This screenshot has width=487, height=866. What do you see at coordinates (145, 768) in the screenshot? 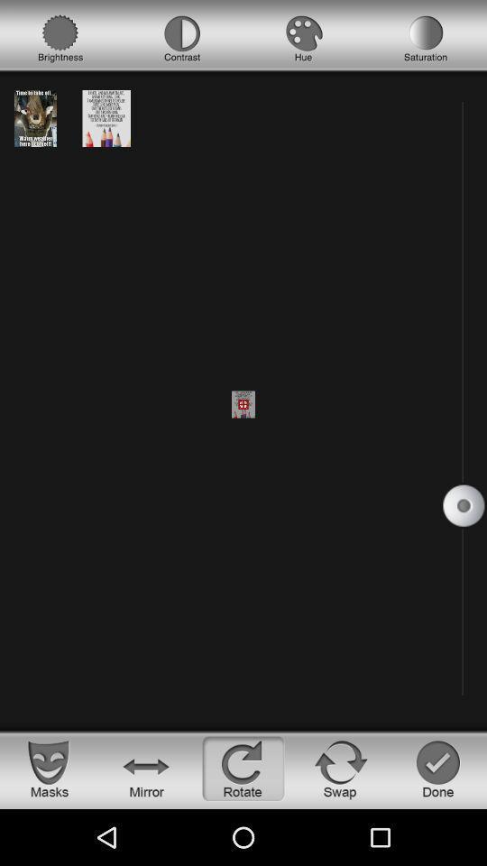
I see `mirror image` at bounding box center [145, 768].